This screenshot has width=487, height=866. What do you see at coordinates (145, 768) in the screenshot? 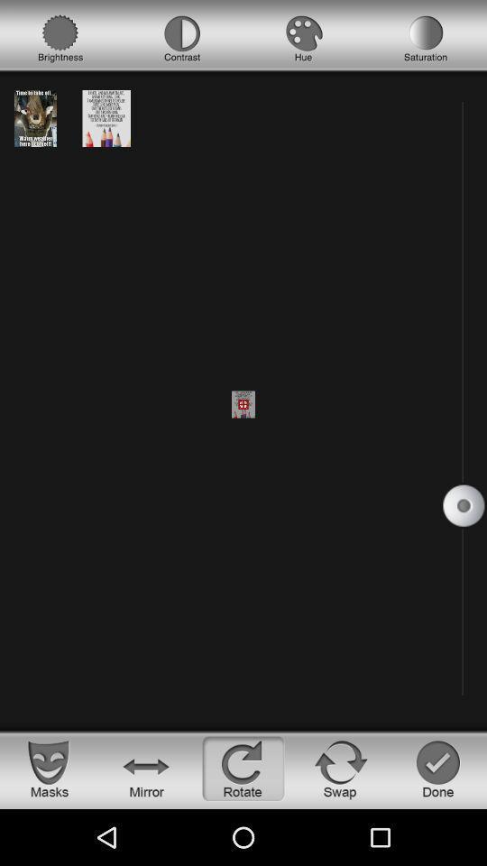
I see `mirror image` at bounding box center [145, 768].